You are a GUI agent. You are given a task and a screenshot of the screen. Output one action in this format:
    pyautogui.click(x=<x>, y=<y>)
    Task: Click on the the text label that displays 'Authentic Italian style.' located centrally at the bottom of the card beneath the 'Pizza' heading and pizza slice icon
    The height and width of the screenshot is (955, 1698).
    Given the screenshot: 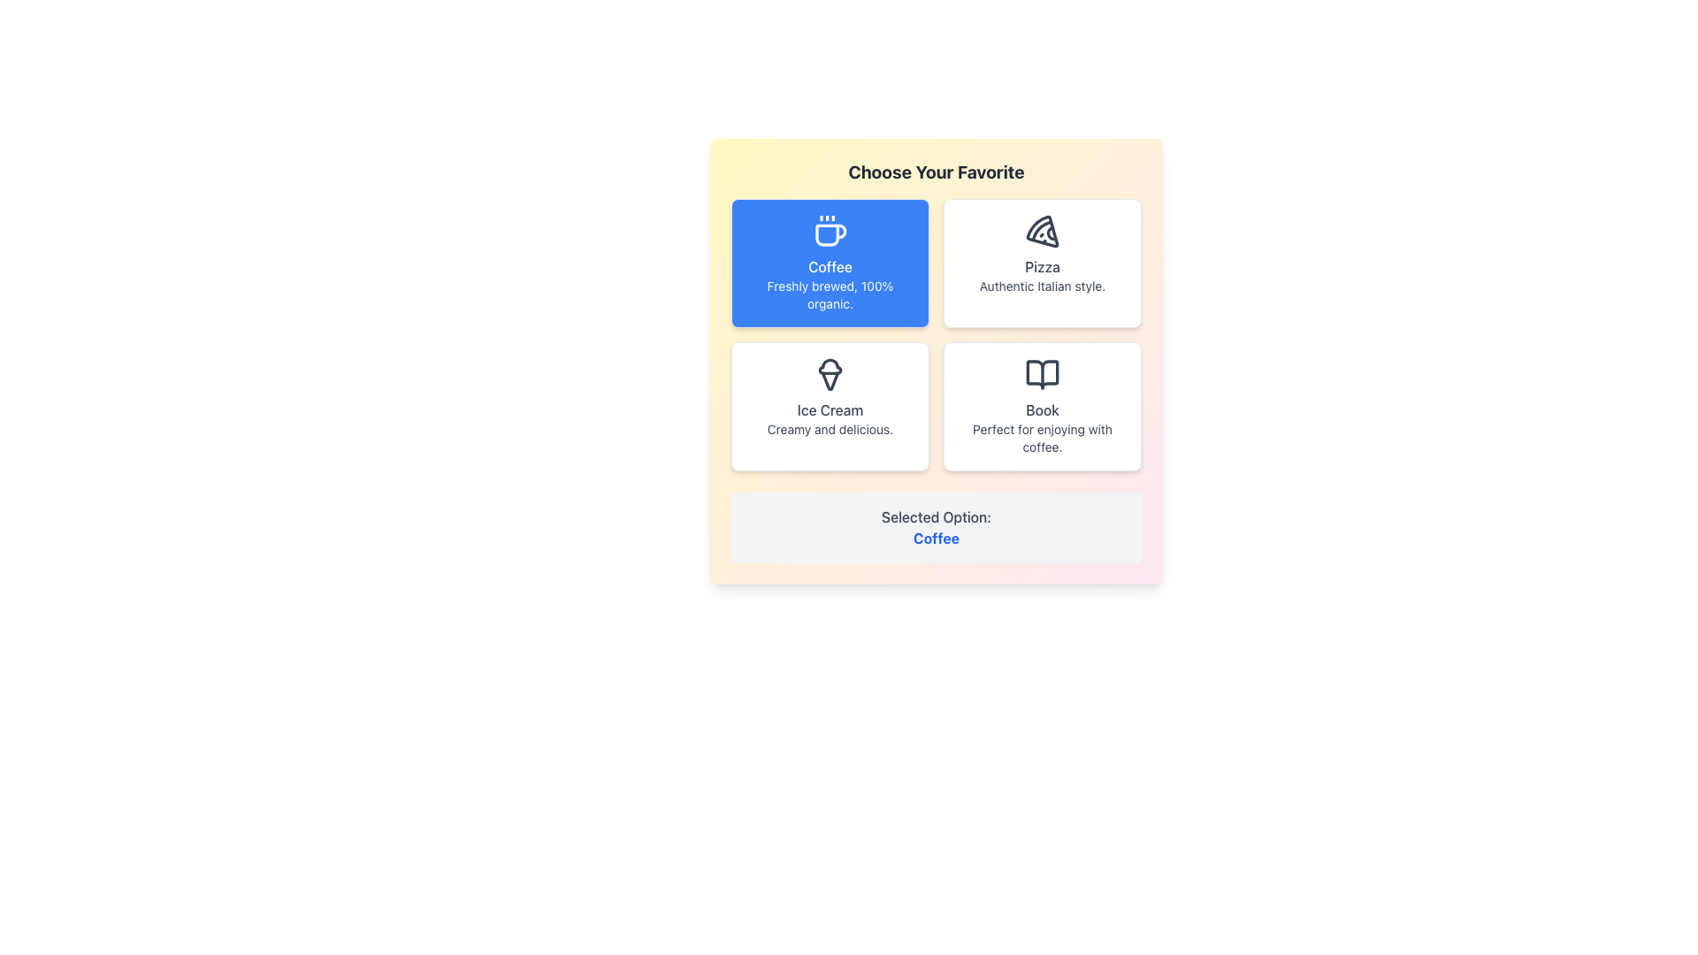 What is the action you would take?
    pyautogui.click(x=1043, y=286)
    